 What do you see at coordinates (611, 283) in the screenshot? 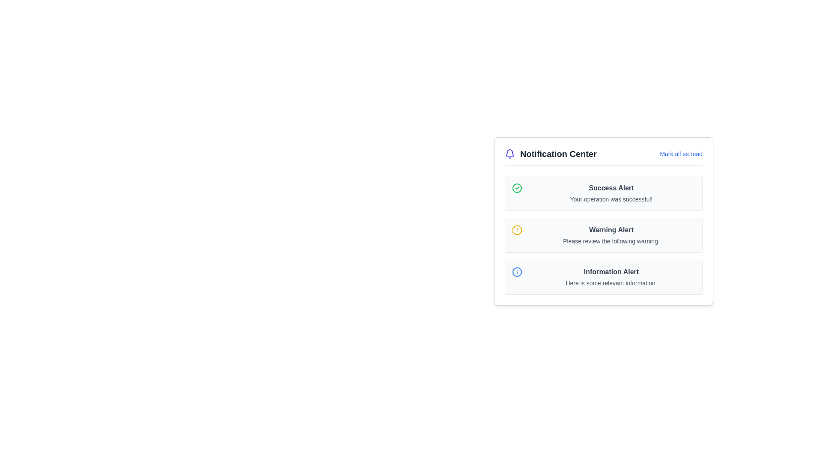
I see `the Text Label located at the bottom of the third notification in the Notification Center interface, directly below the 'Information Alert' title text` at bounding box center [611, 283].